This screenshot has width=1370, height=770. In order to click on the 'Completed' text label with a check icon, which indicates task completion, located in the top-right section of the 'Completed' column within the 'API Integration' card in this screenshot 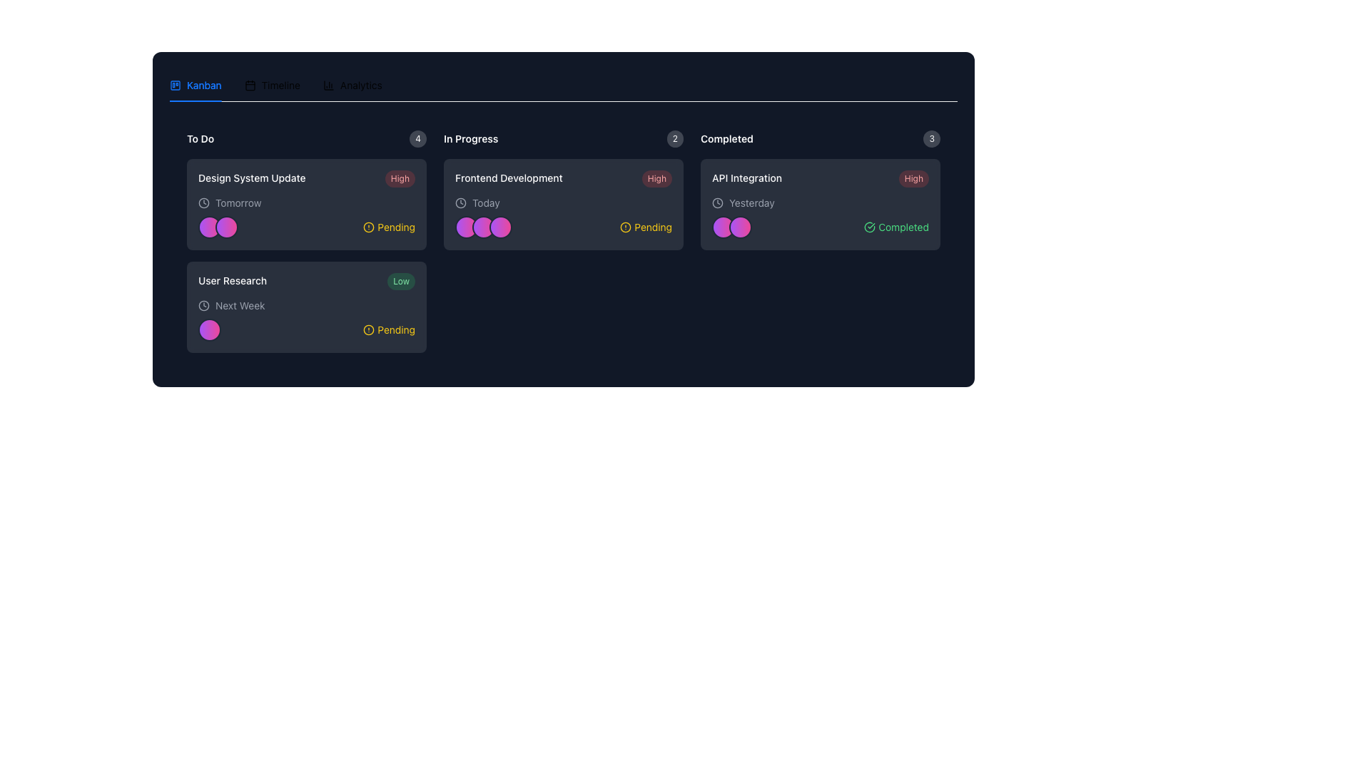, I will do `click(895, 227)`.